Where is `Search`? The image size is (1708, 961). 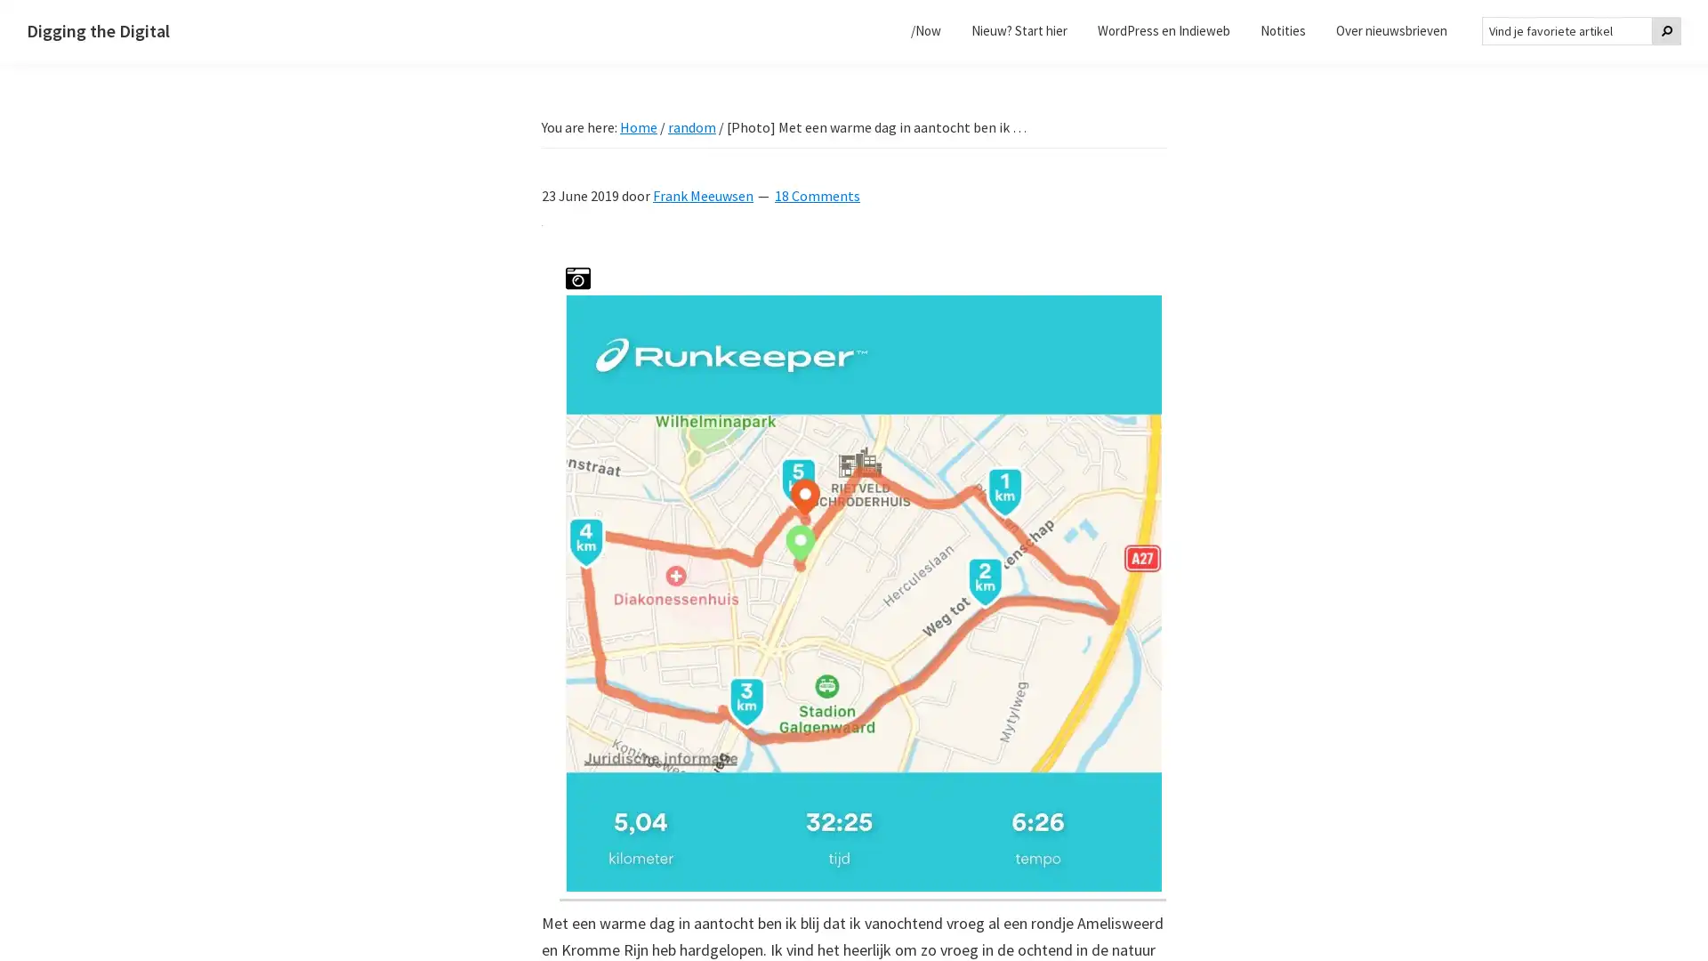 Search is located at coordinates (1665, 30).